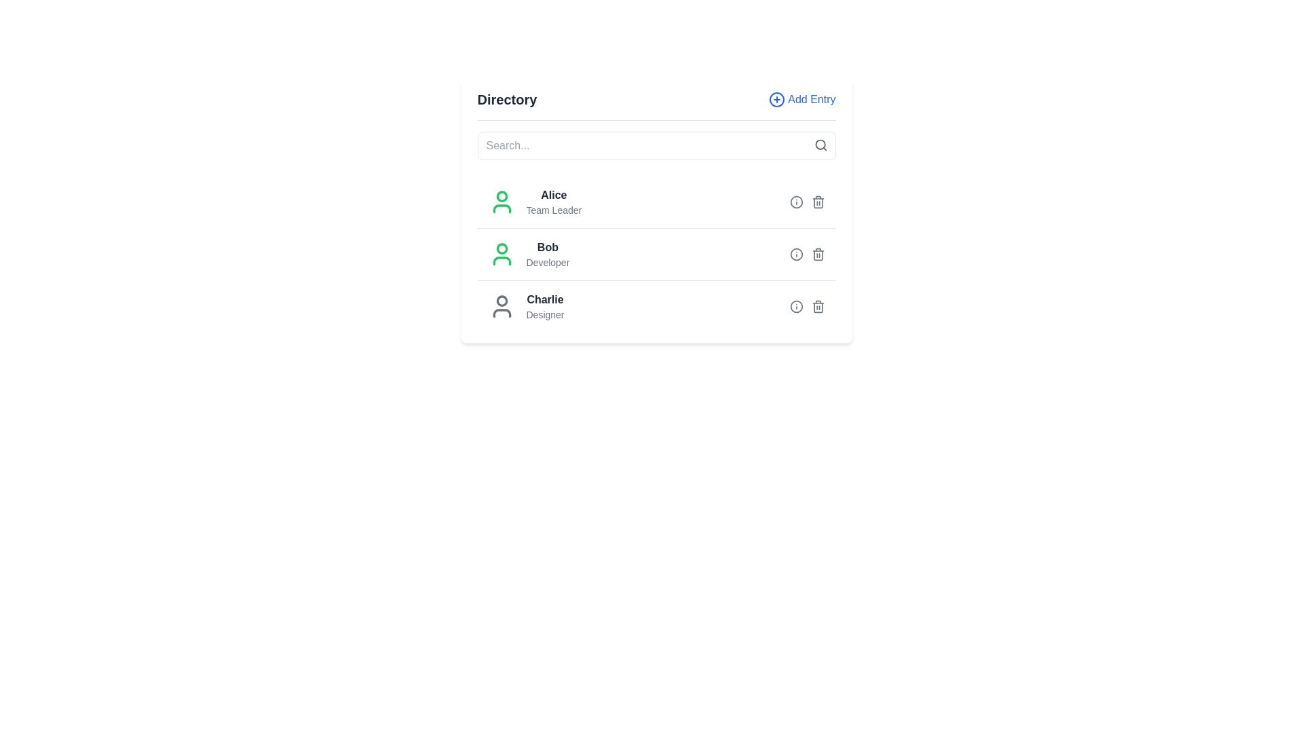 The image size is (1303, 733). Describe the element at coordinates (807, 254) in the screenshot. I see `the interactive icons located to the far right of the row containing 'Bob' after the text 'Developer'` at that location.